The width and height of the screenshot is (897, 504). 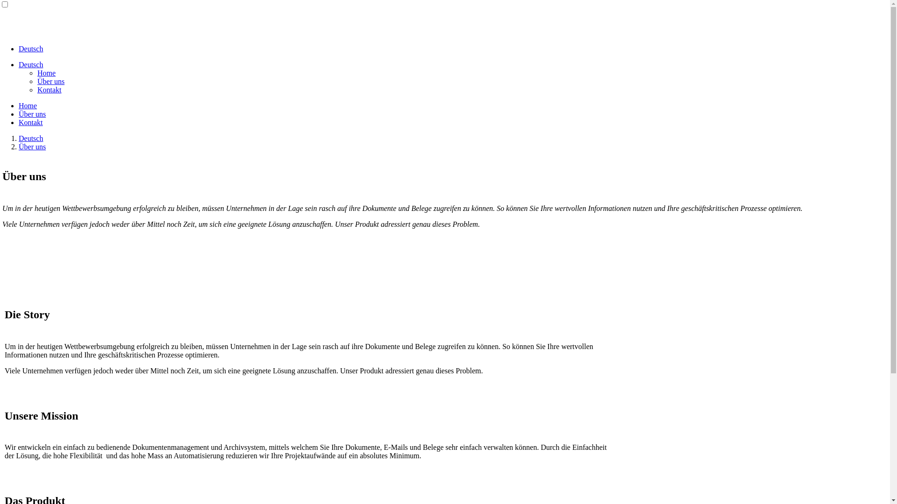 What do you see at coordinates (18, 122) in the screenshot?
I see `'Kontakt'` at bounding box center [18, 122].